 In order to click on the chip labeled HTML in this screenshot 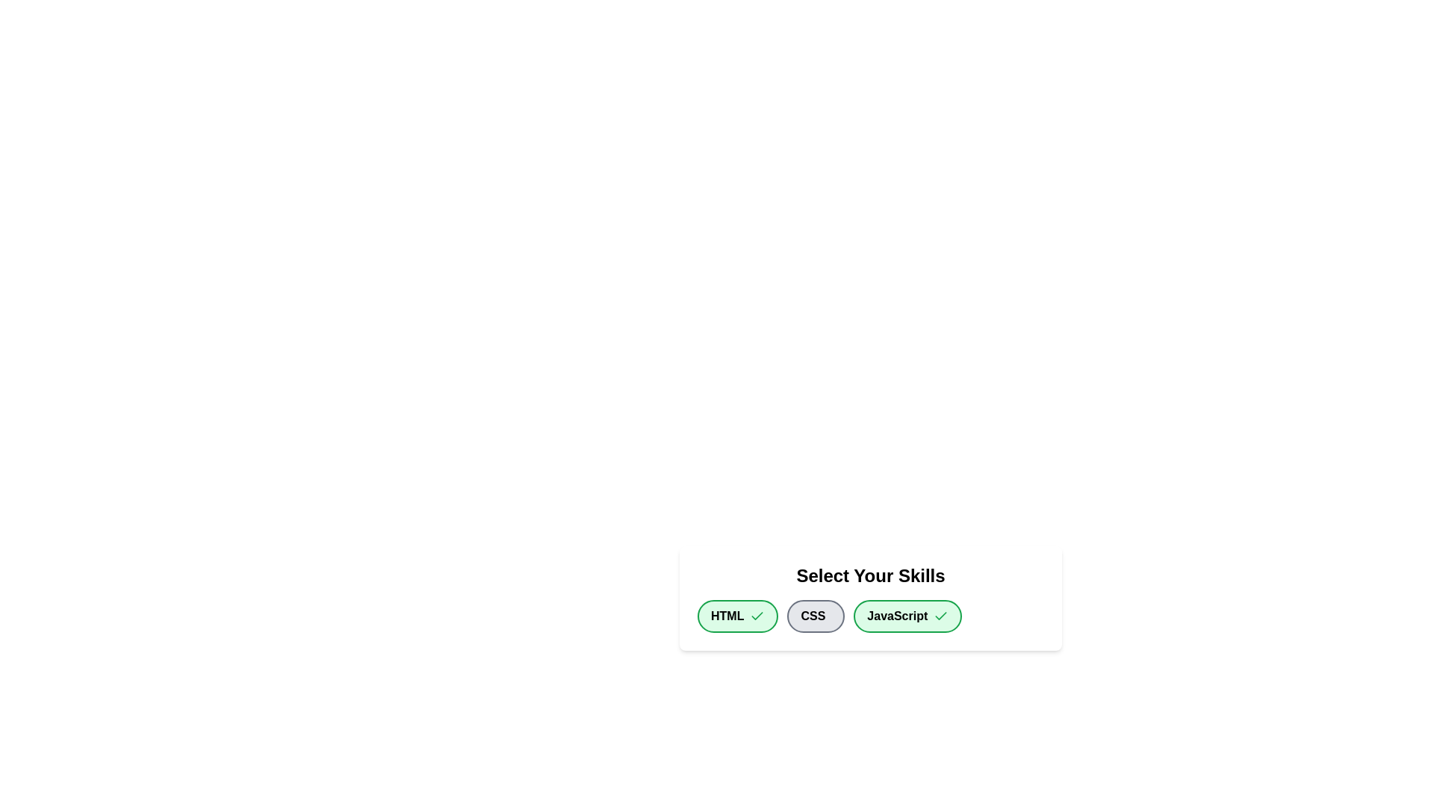, I will do `click(738, 616)`.